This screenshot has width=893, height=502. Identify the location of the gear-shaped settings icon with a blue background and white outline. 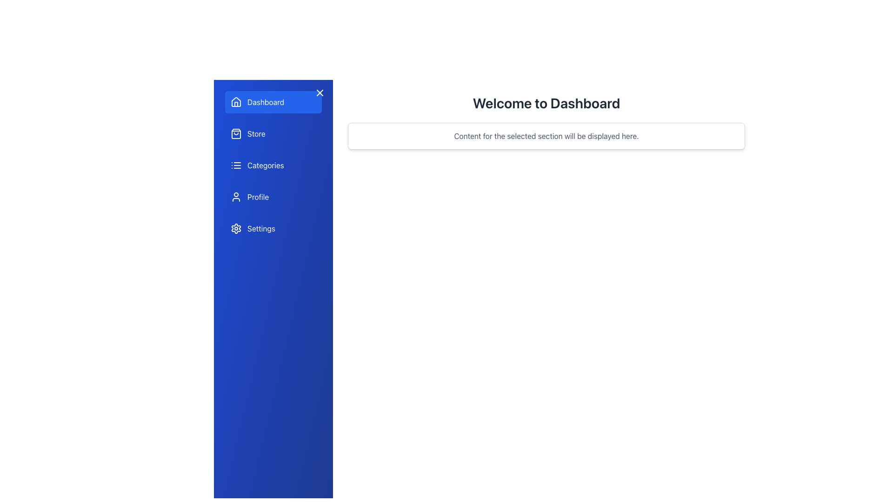
(236, 229).